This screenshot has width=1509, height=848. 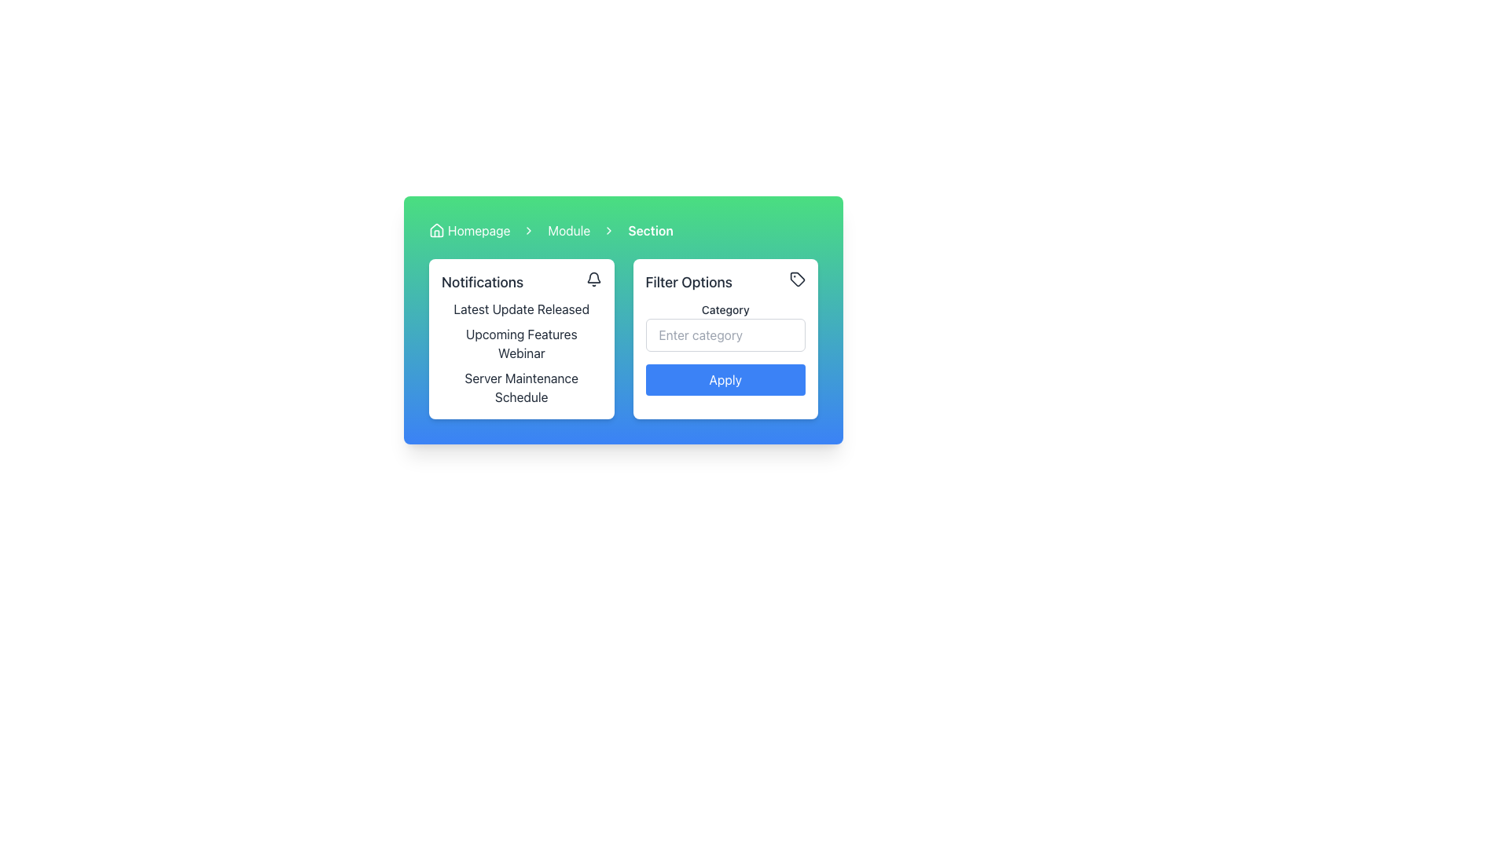 What do you see at coordinates (521, 387) in the screenshot?
I see `the third notification in the 'Notifications' section that provides information about a scheduled server maintenance event` at bounding box center [521, 387].